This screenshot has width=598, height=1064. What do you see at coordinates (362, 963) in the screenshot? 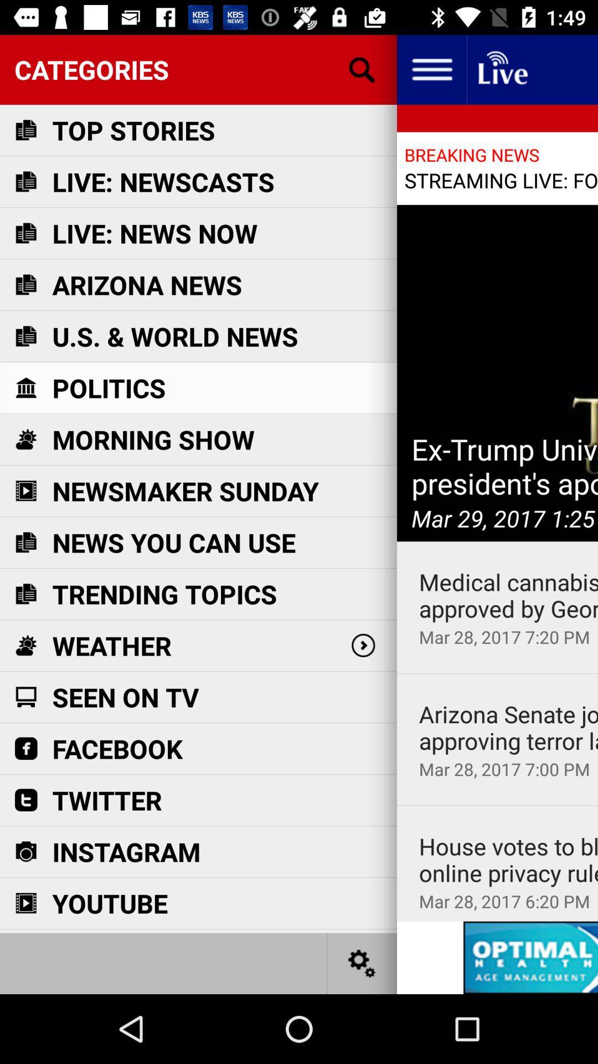
I see `the settings icon` at bounding box center [362, 963].